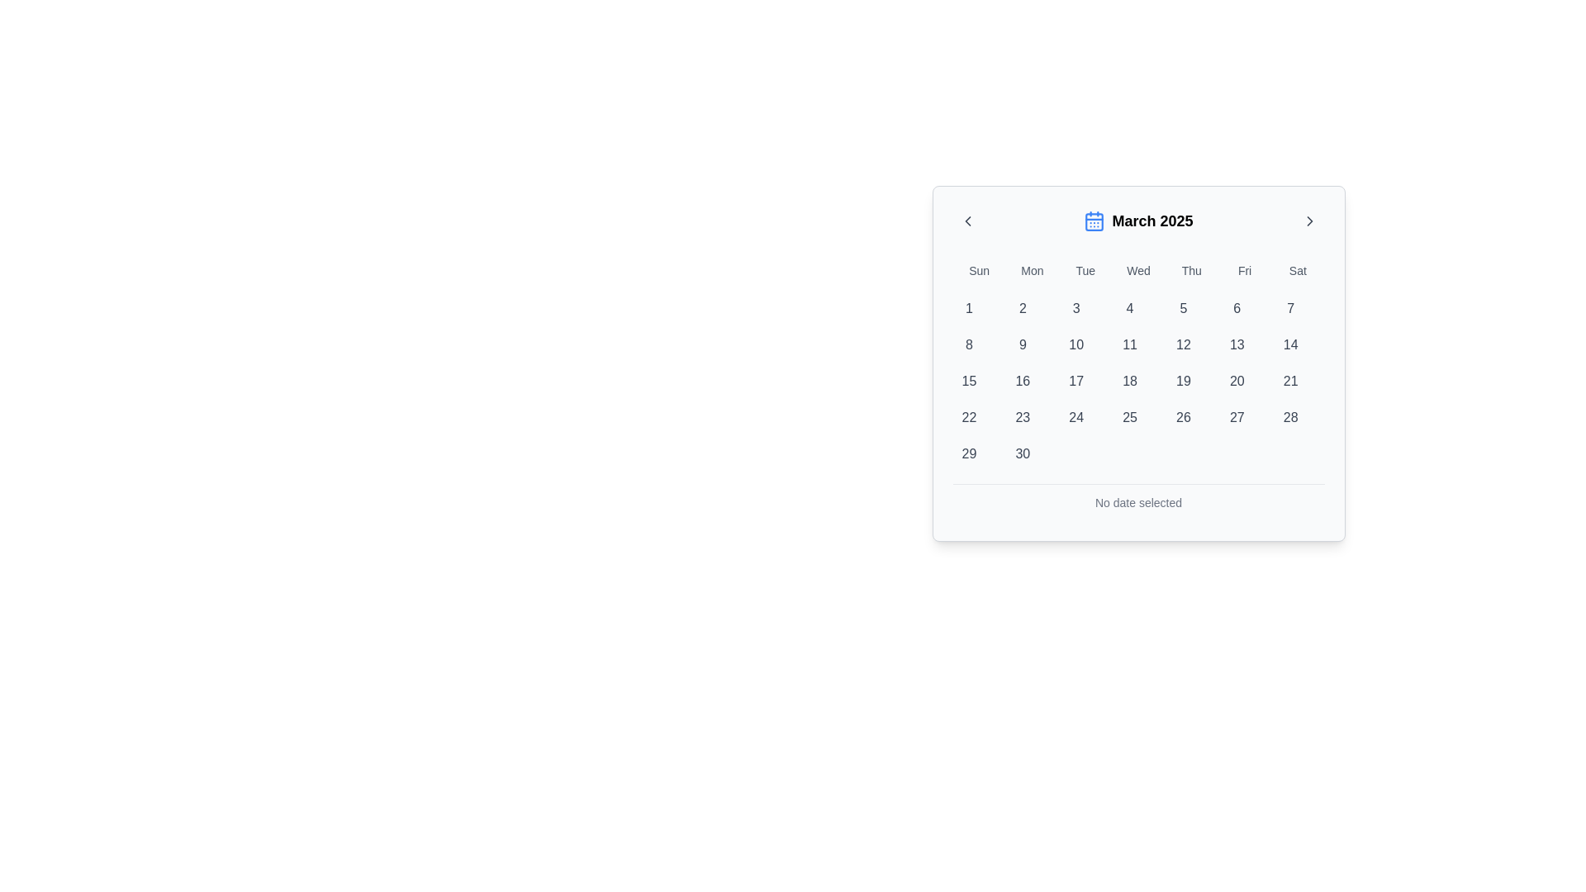 The width and height of the screenshot is (1586, 892). What do you see at coordinates (1289, 382) in the screenshot?
I see `the interactive day entry button for the 21st day of the month, located under the Saturday column in the fourth row of the calendar grid, for keyboard interaction` at bounding box center [1289, 382].